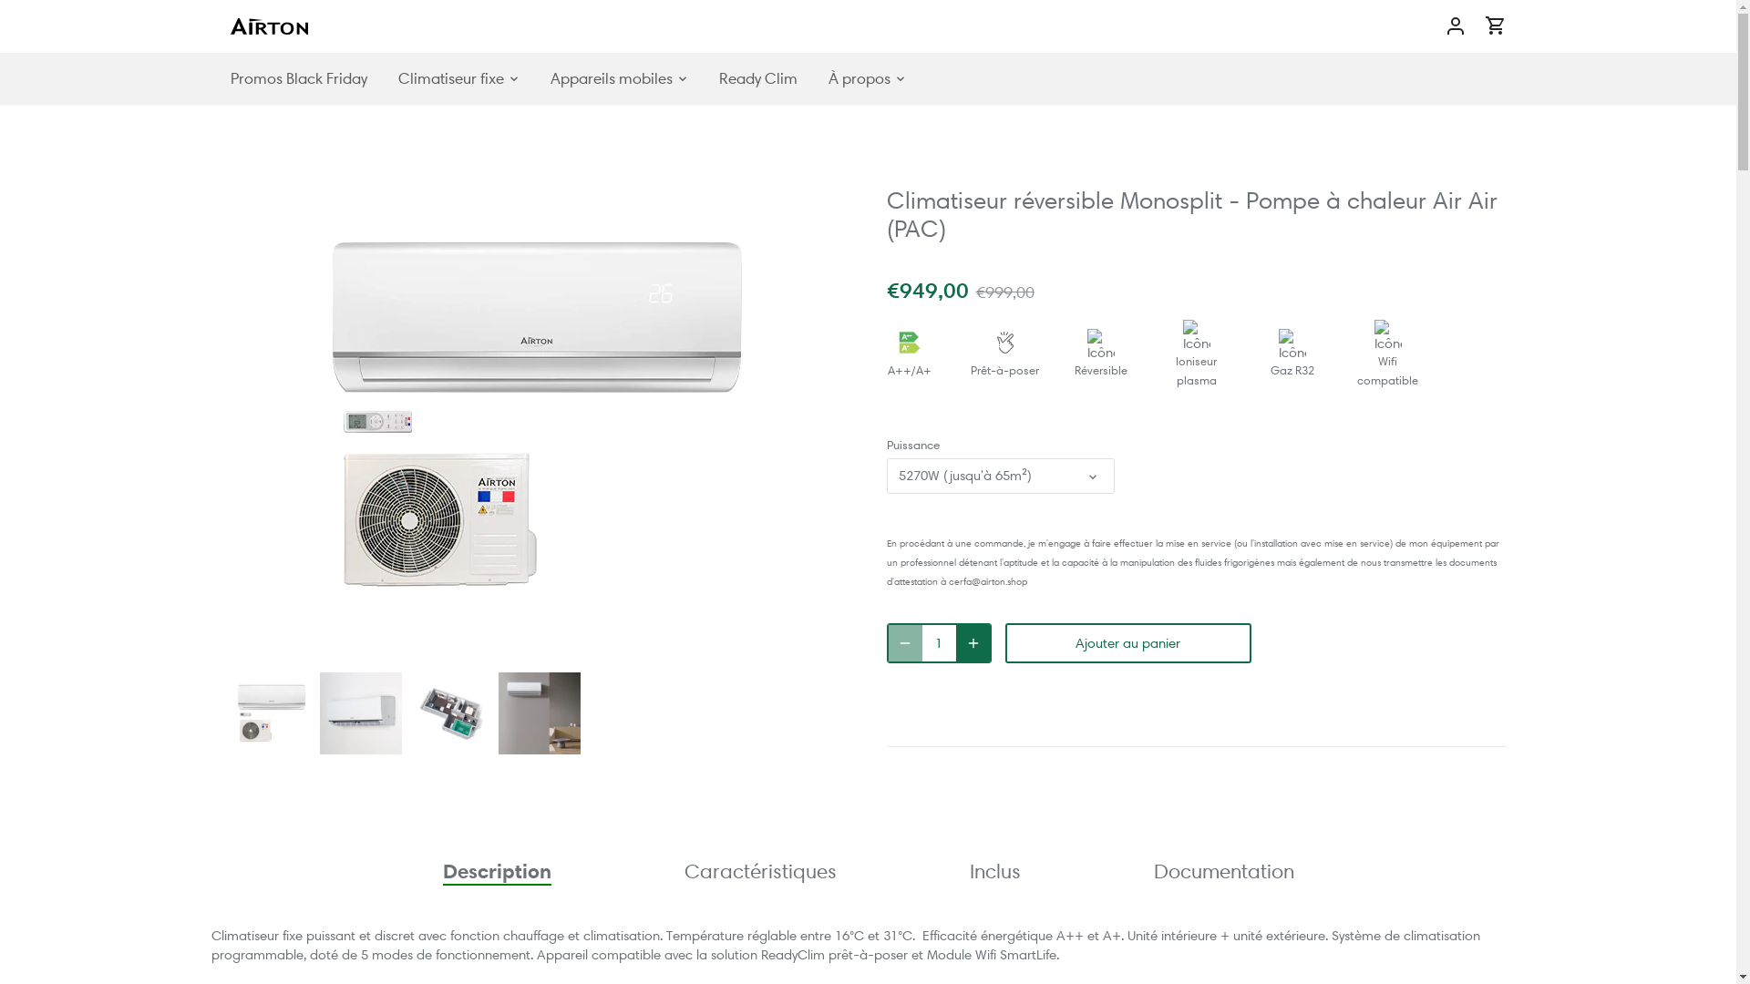  Describe the element at coordinates (969, 870) in the screenshot. I see `'Inclus'` at that location.